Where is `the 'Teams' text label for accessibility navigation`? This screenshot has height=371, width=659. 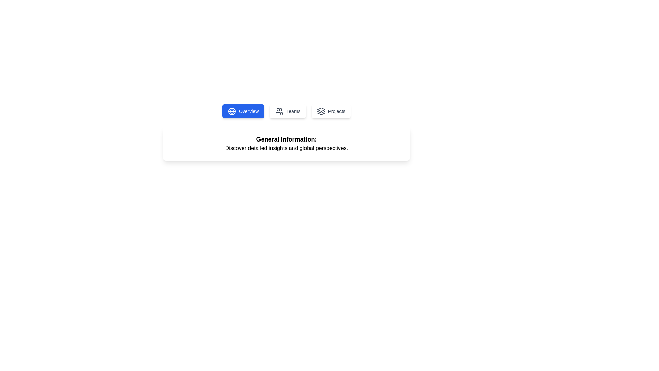
the 'Teams' text label for accessibility navigation is located at coordinates (293, 111).